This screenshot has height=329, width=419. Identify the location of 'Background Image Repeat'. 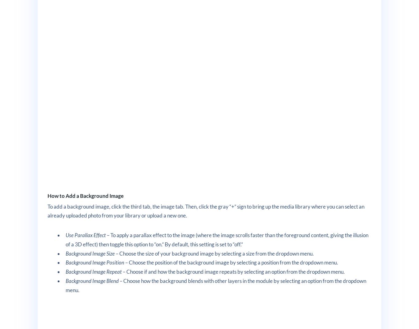
(65, 272).